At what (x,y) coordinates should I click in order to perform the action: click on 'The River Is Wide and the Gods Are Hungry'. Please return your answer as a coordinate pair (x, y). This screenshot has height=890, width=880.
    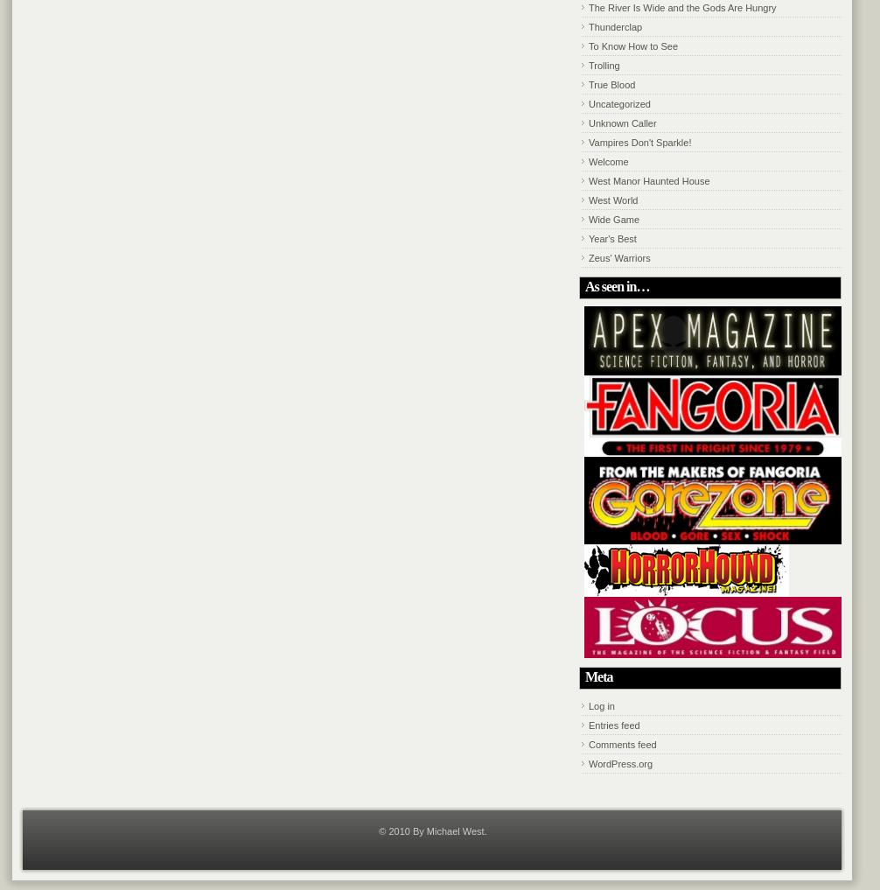
    Looking at the image, I should click on (589, 6).